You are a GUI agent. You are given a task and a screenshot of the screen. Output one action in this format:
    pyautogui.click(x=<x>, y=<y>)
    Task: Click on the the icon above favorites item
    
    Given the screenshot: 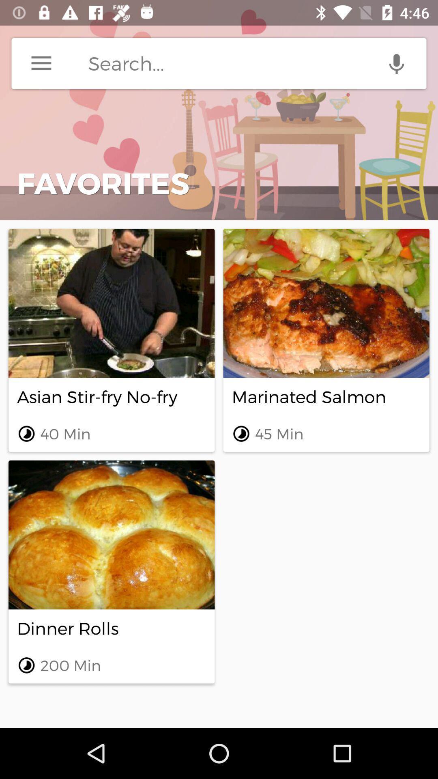 What is the action you would take?
    pyautogui.click(x=41, y=63)
    